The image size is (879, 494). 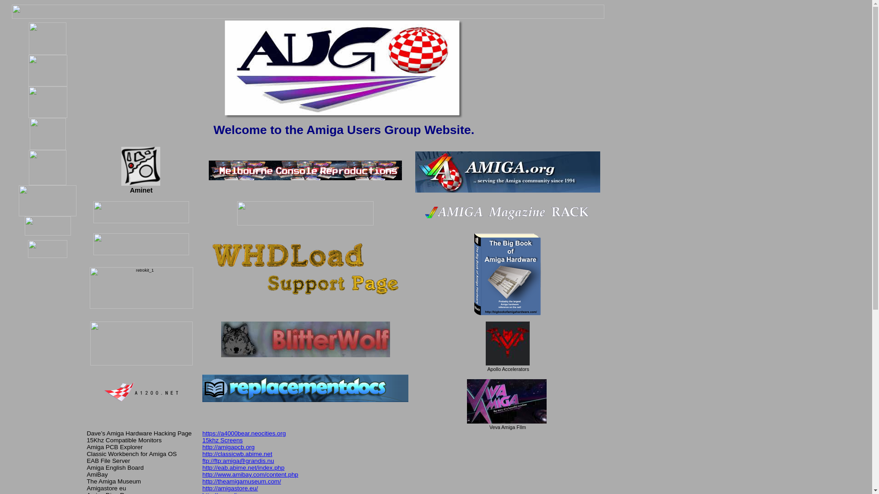 What do you see at coordinates (237, 454) in the screenshot?
I see `'http://classicwb.abime.net'` at bounding box center [237, 454].